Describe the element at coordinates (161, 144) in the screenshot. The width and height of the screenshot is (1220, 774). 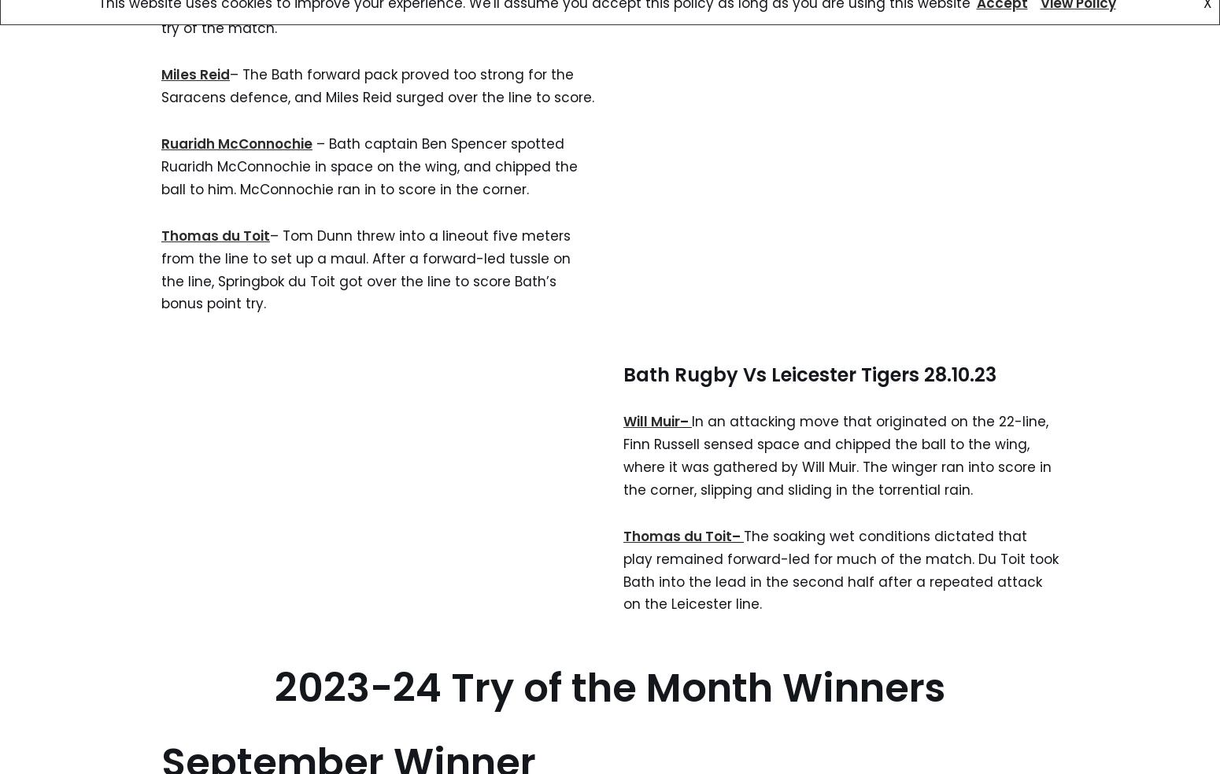
I see `'Ruaridh McConnochie'` at that location.